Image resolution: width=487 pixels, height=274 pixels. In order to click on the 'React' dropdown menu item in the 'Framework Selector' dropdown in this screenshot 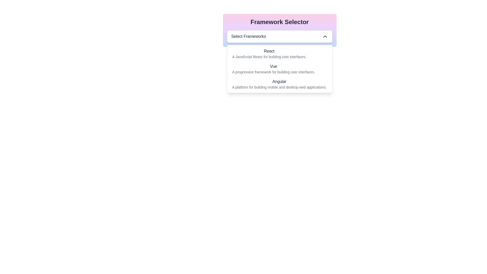, I will do `click(279, 54)`.